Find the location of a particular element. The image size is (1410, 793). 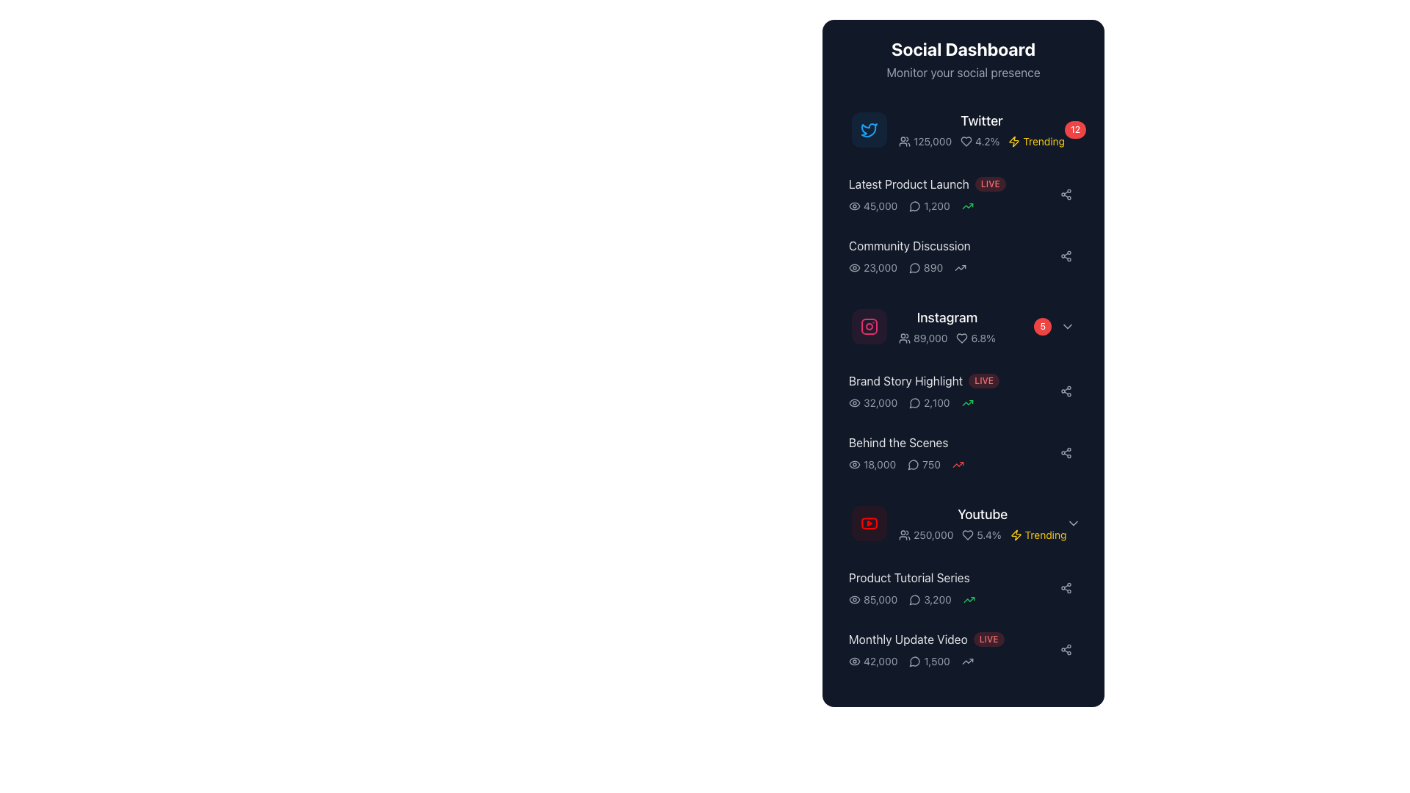

the sharing icon button located in the rightmost position of the 'Latest Product Launch' row is located at coordinates (1066, 194).